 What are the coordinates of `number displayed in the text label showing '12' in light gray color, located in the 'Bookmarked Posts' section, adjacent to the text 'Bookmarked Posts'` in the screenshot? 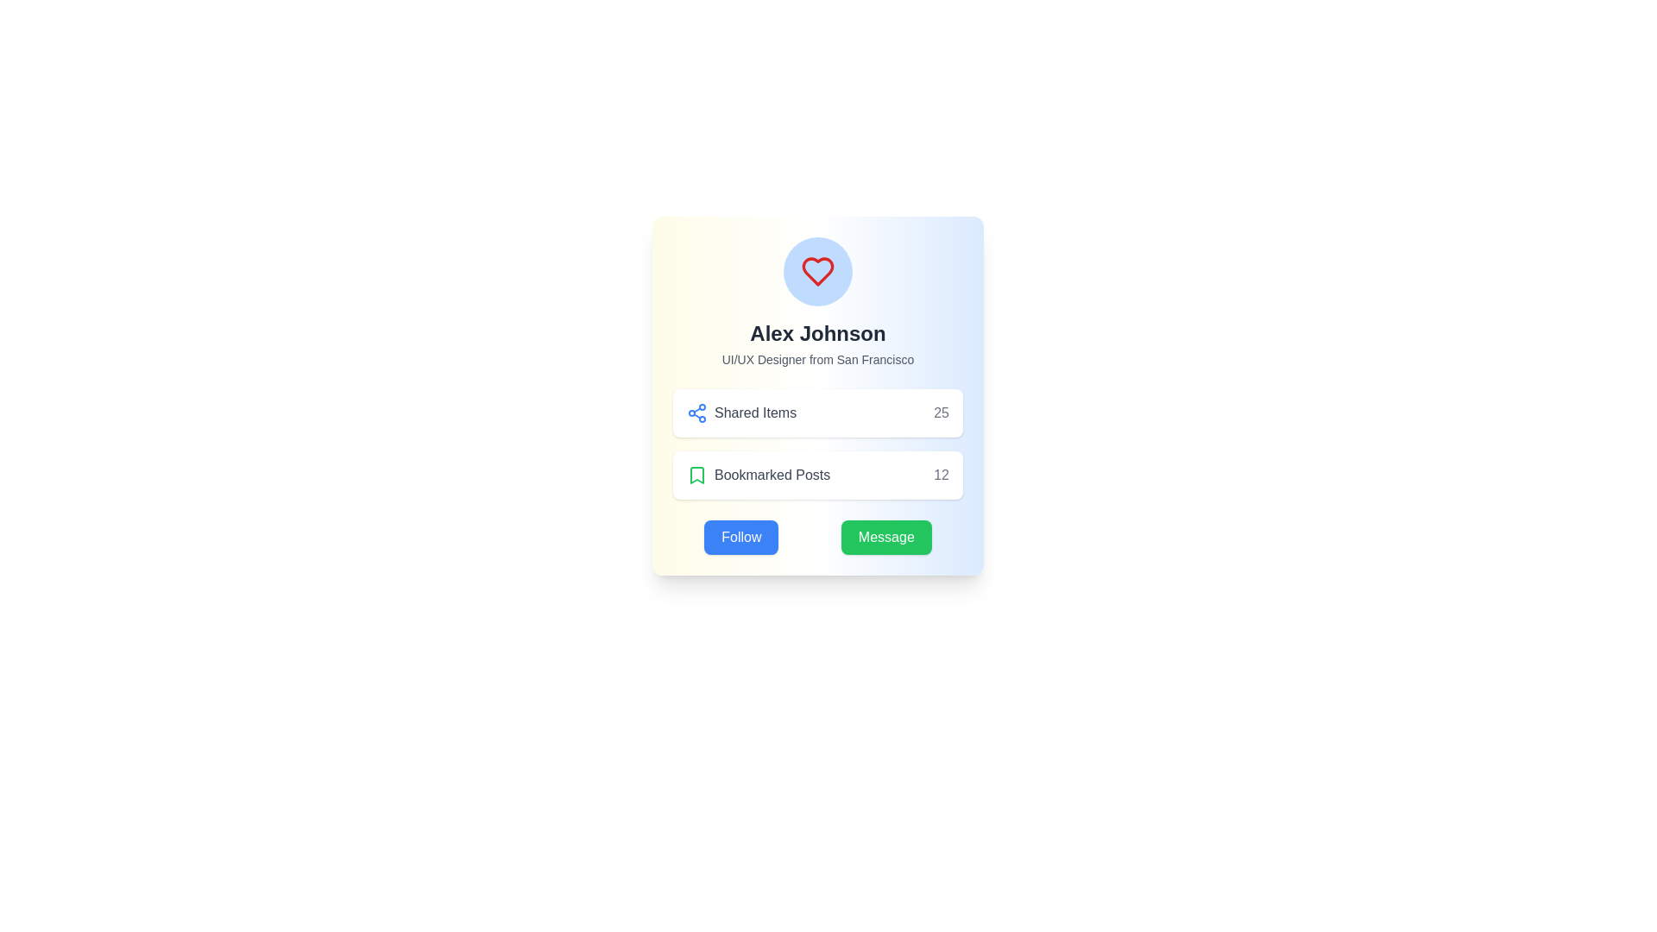 It's located at (941, 475).